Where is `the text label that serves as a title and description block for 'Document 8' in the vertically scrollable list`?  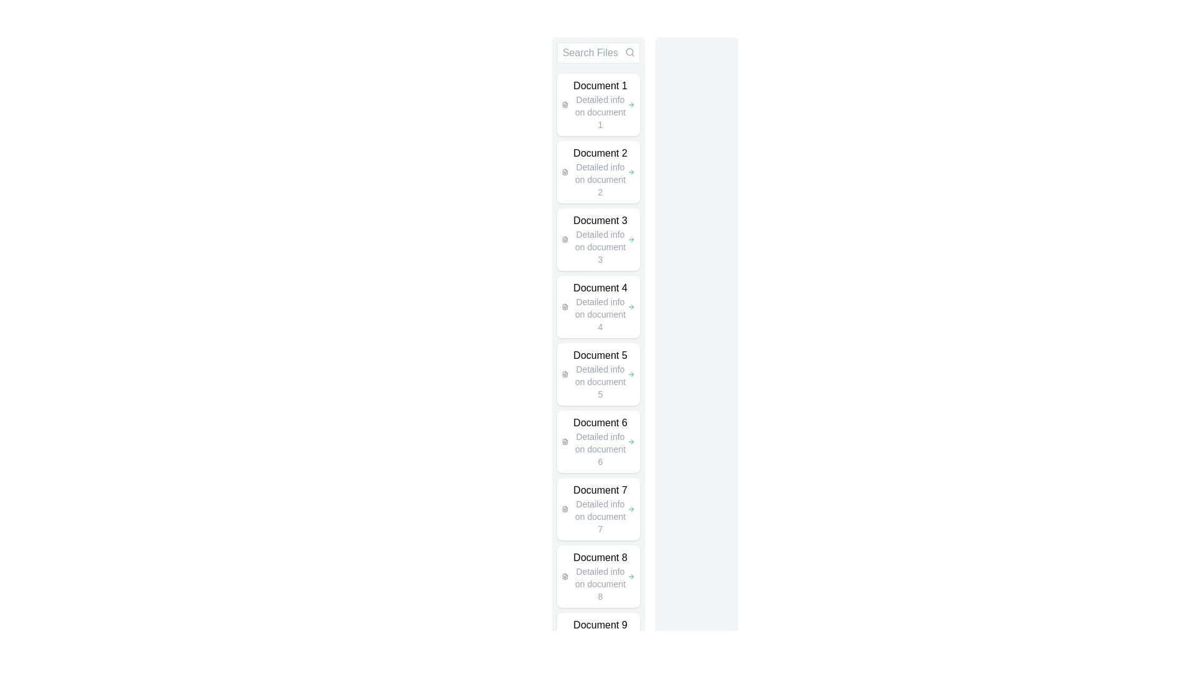 the text label that serves as a title and description block for 'Document 8' in the vertically scrollable list is located at coordinates (600, 577).